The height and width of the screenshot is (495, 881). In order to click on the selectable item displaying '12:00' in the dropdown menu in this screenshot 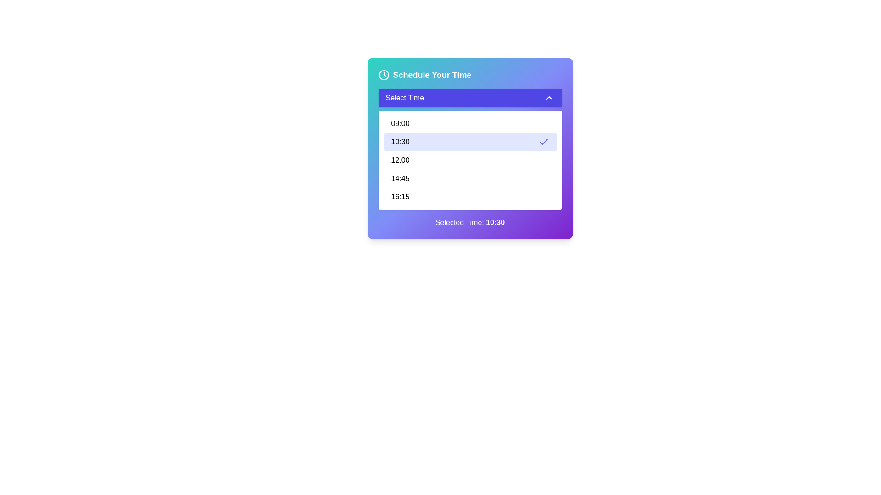, I will do `click(400, 160)`.